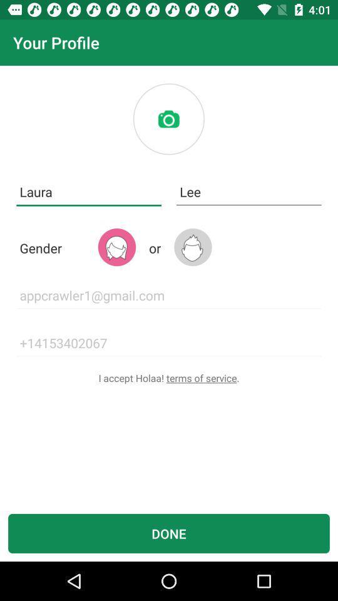  Describe the element at coordinates (116, 247) in the screenshot. I see `icon above the appcrawler1@gmail.com item` at that location.